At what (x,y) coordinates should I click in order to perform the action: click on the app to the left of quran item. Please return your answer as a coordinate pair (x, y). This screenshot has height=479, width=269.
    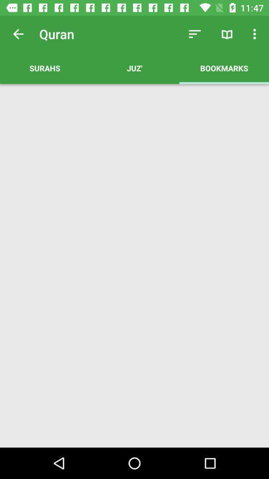
    Looking at the image, I should click on (18, 34).